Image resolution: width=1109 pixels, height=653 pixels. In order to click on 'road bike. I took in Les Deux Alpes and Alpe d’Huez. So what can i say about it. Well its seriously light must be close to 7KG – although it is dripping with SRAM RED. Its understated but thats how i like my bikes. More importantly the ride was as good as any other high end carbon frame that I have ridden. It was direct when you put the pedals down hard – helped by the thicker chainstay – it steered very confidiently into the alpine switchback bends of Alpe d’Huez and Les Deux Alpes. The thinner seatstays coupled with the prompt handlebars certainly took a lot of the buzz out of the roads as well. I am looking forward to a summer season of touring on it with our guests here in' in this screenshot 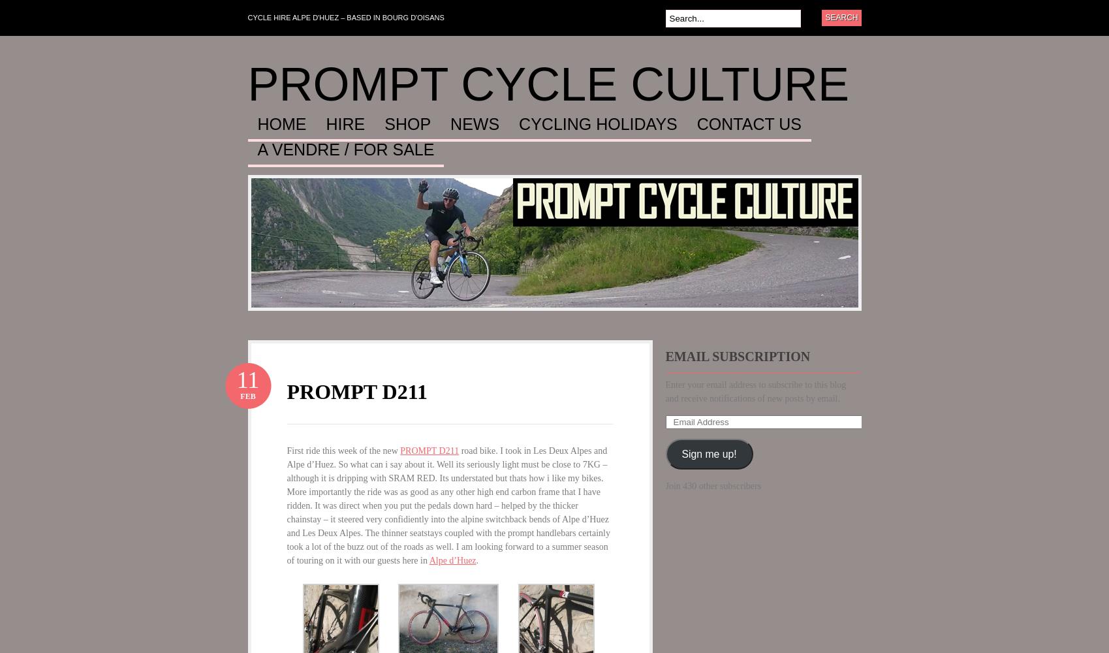, I will do `click(287, 505)`.